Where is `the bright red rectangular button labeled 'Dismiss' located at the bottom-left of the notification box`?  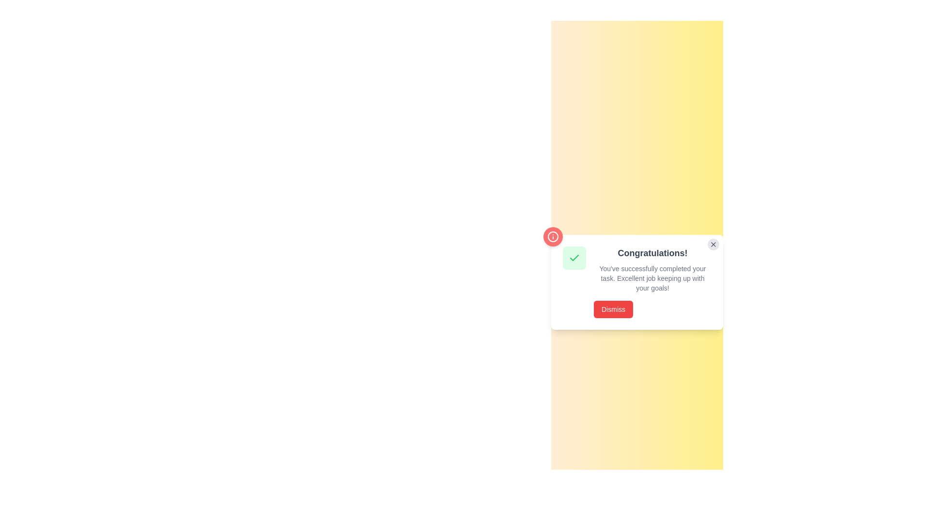
the bright red rectangular button labeled 'Dismiss' located at the bottom-left of the notification box is located at coordinates (652, 309).